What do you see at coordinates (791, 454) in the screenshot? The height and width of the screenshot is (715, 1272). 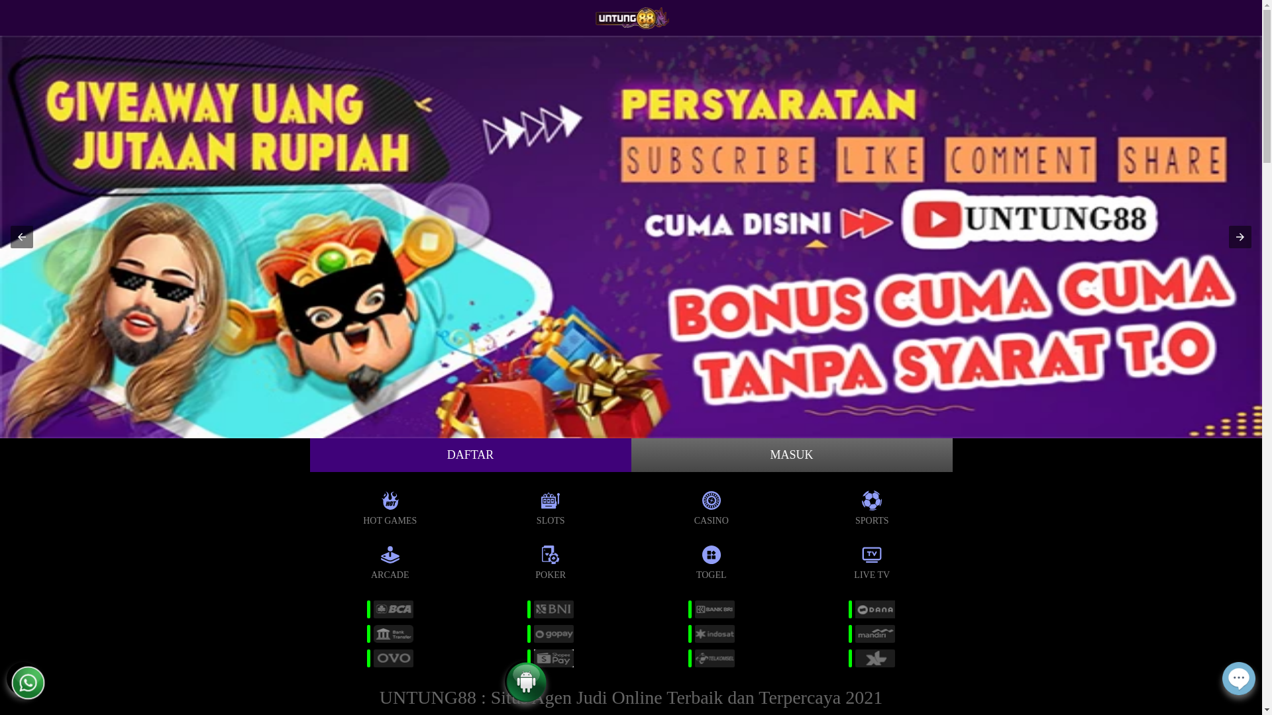 I see `'MASUK'` at bounding box center [791, 454].